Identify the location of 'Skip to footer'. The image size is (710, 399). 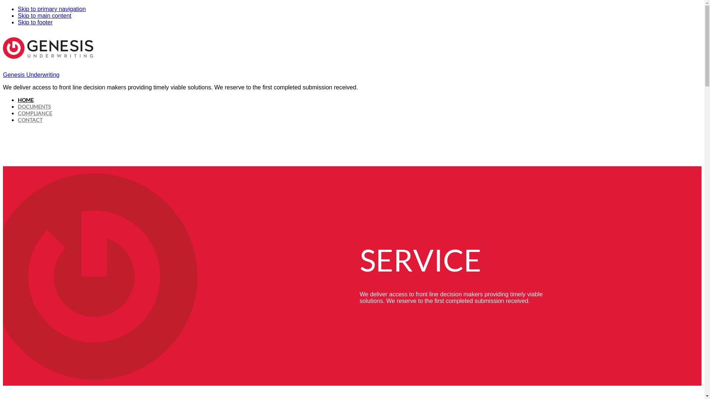
(18, 22).